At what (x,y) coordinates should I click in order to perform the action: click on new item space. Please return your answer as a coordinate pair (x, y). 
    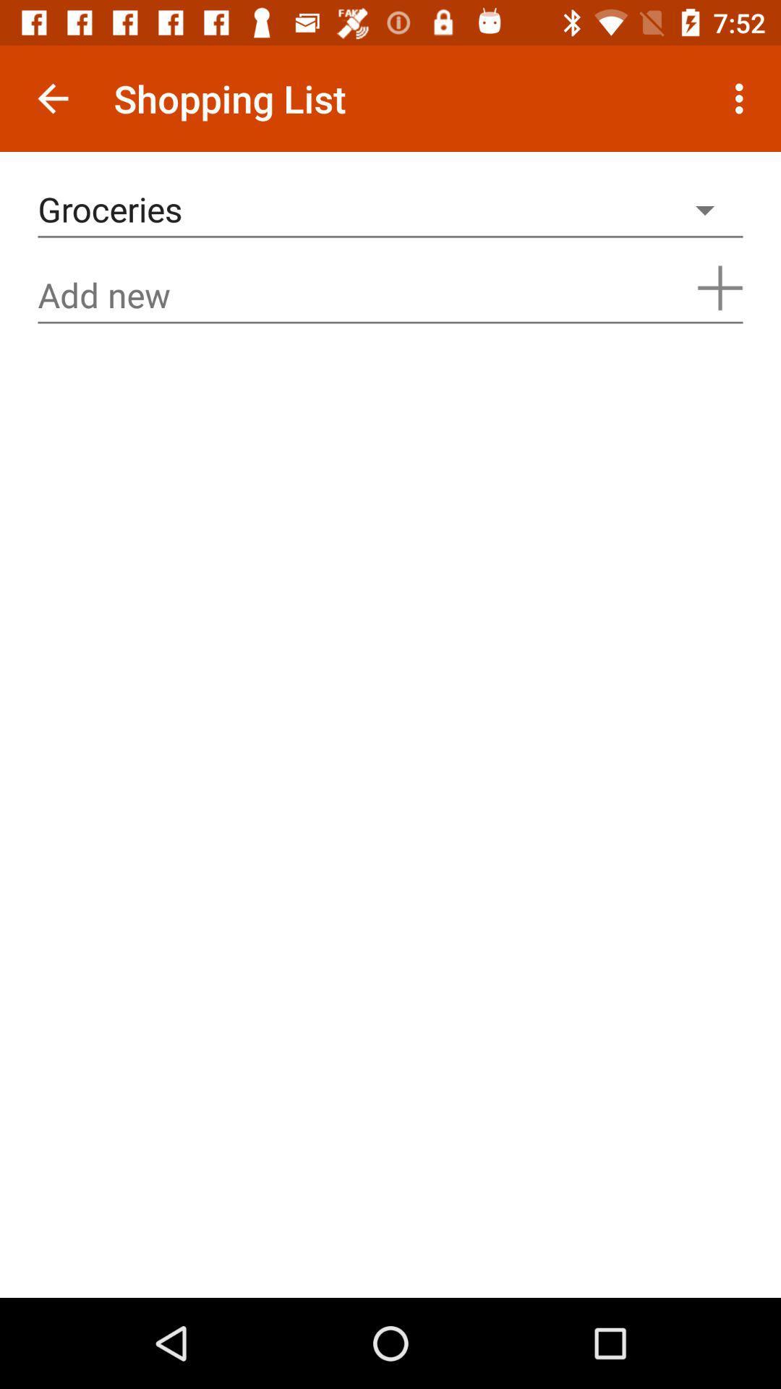
    Looking at the image, I should click on (390, 294).